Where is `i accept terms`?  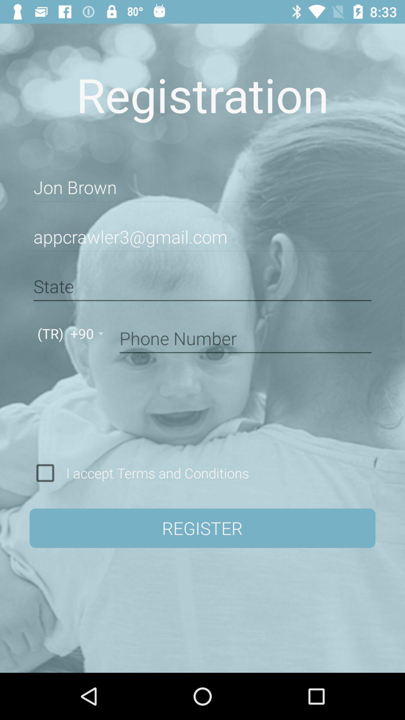
i accept terms is located at coordinates (154, 472).